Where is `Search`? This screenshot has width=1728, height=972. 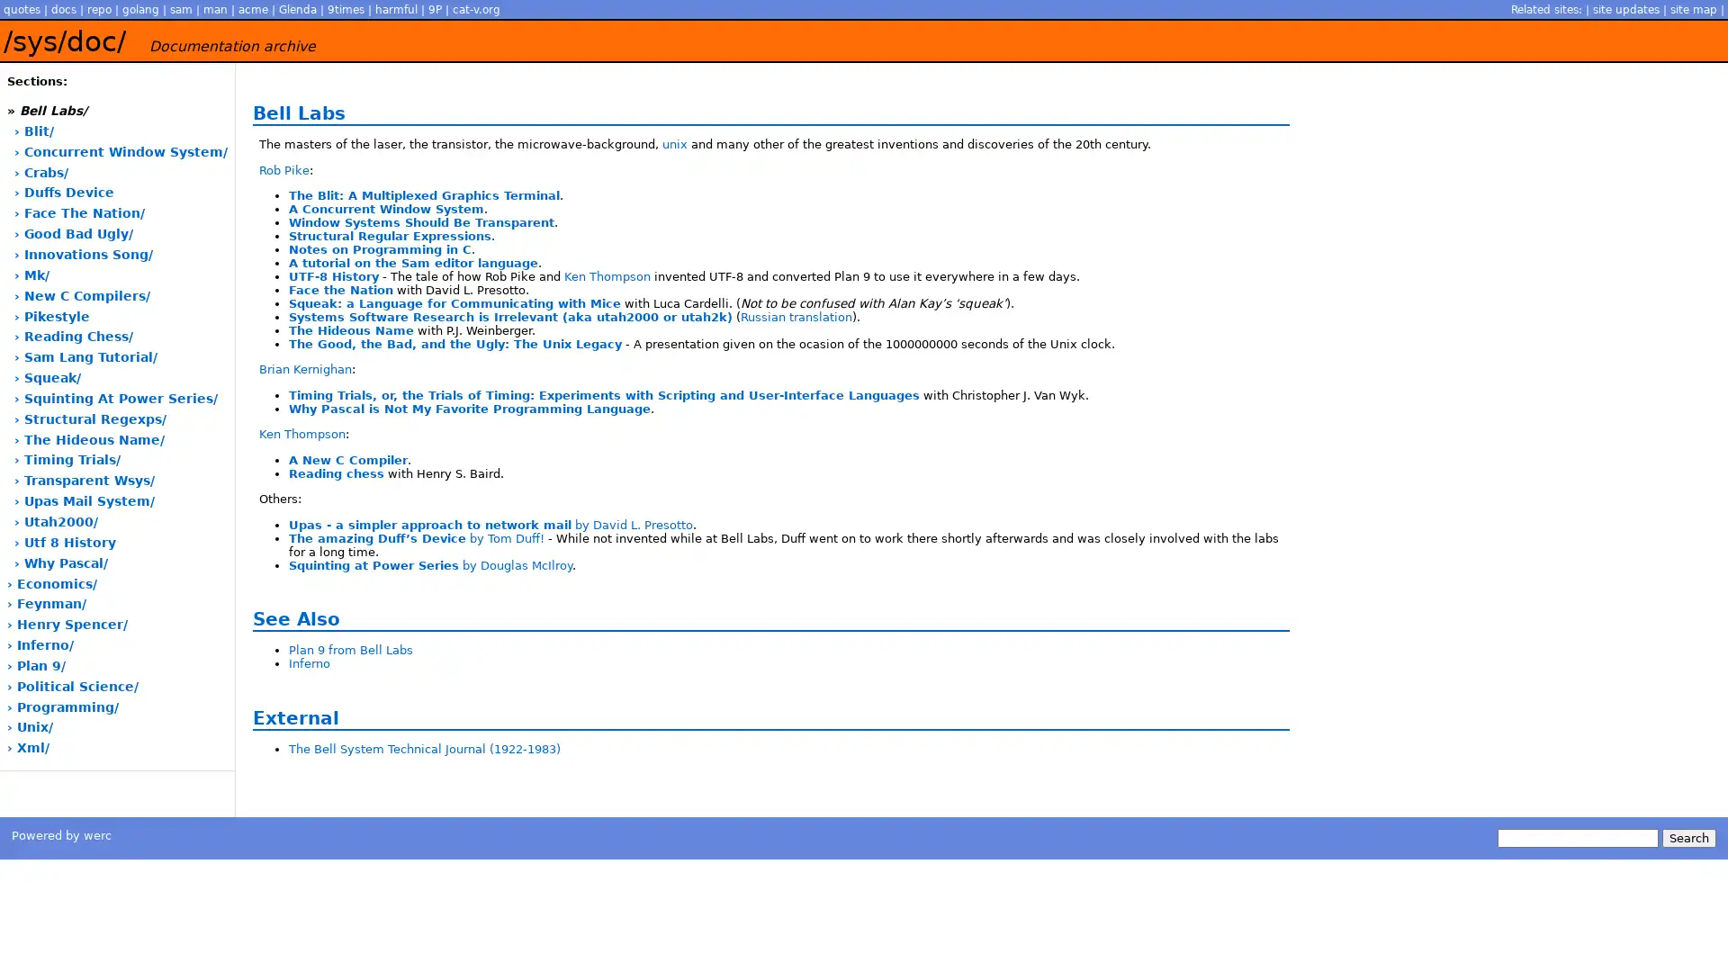
Search is located at coordinates (1687, 837).